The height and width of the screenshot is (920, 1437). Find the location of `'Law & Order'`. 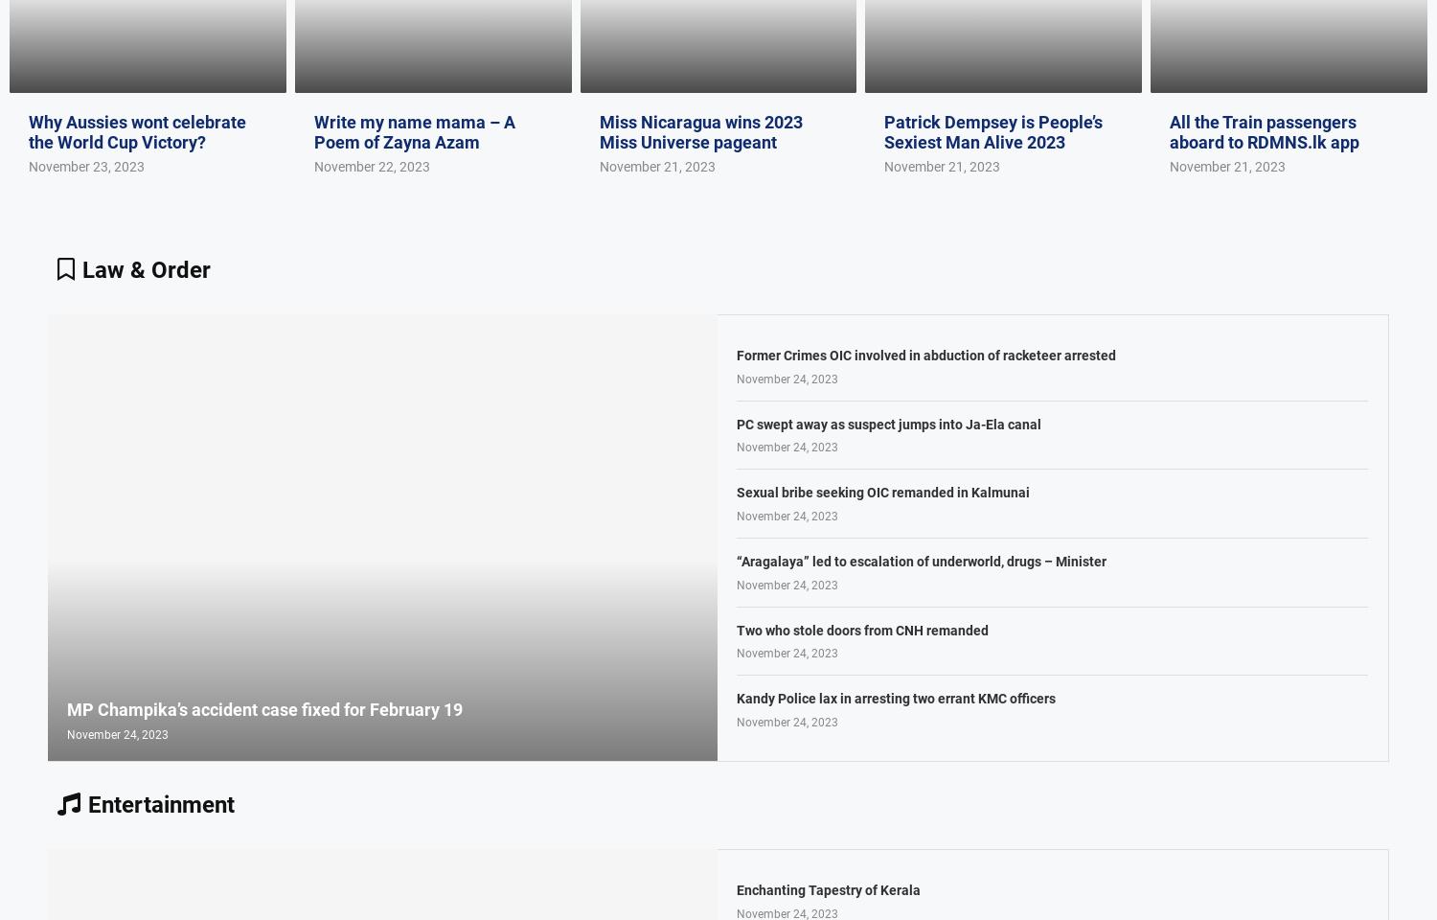

'Law & Order' is located at coordinates (147, 267).